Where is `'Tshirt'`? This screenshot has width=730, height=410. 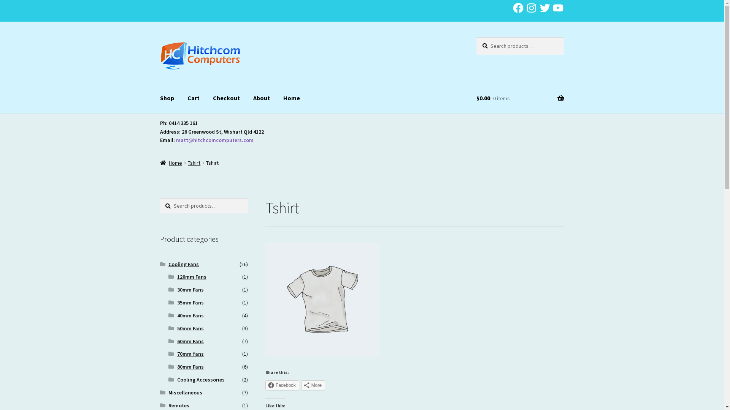
'Tshirt' is located at coordinates (194, 162).